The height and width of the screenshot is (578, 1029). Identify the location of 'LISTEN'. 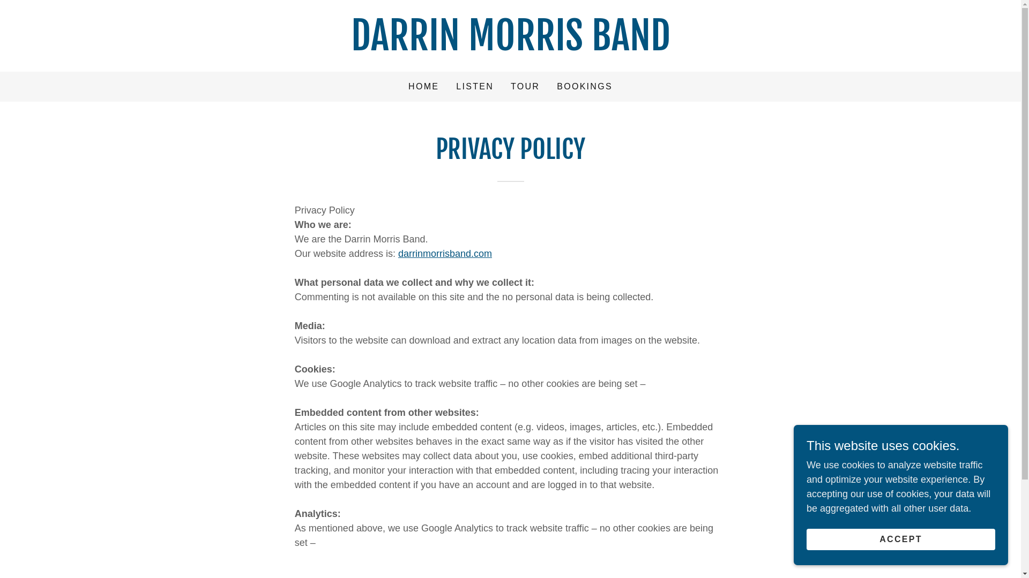
(474, 86).